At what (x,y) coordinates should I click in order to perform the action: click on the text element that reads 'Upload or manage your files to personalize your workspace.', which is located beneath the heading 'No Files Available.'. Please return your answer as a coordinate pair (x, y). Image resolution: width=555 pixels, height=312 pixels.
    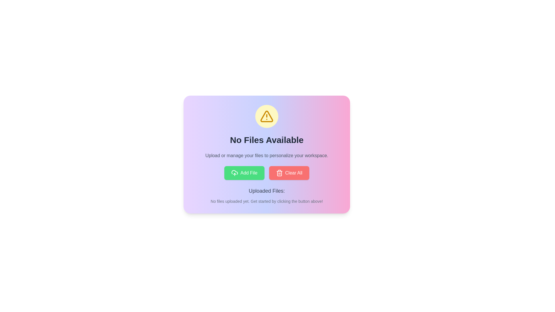
    Looking at the image, I should click on (266, 155).